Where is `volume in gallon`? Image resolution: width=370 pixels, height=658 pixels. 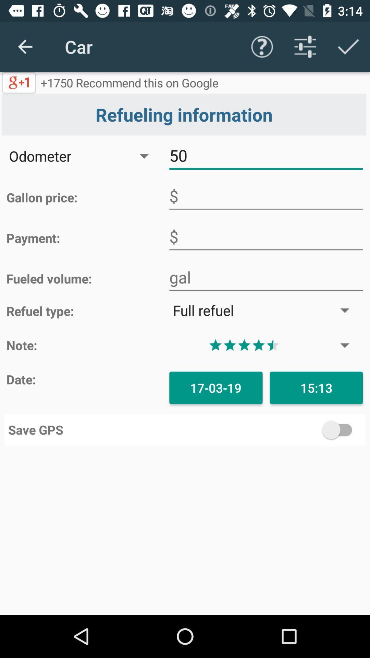 volume in gallon is located at coordinates (266, 278).